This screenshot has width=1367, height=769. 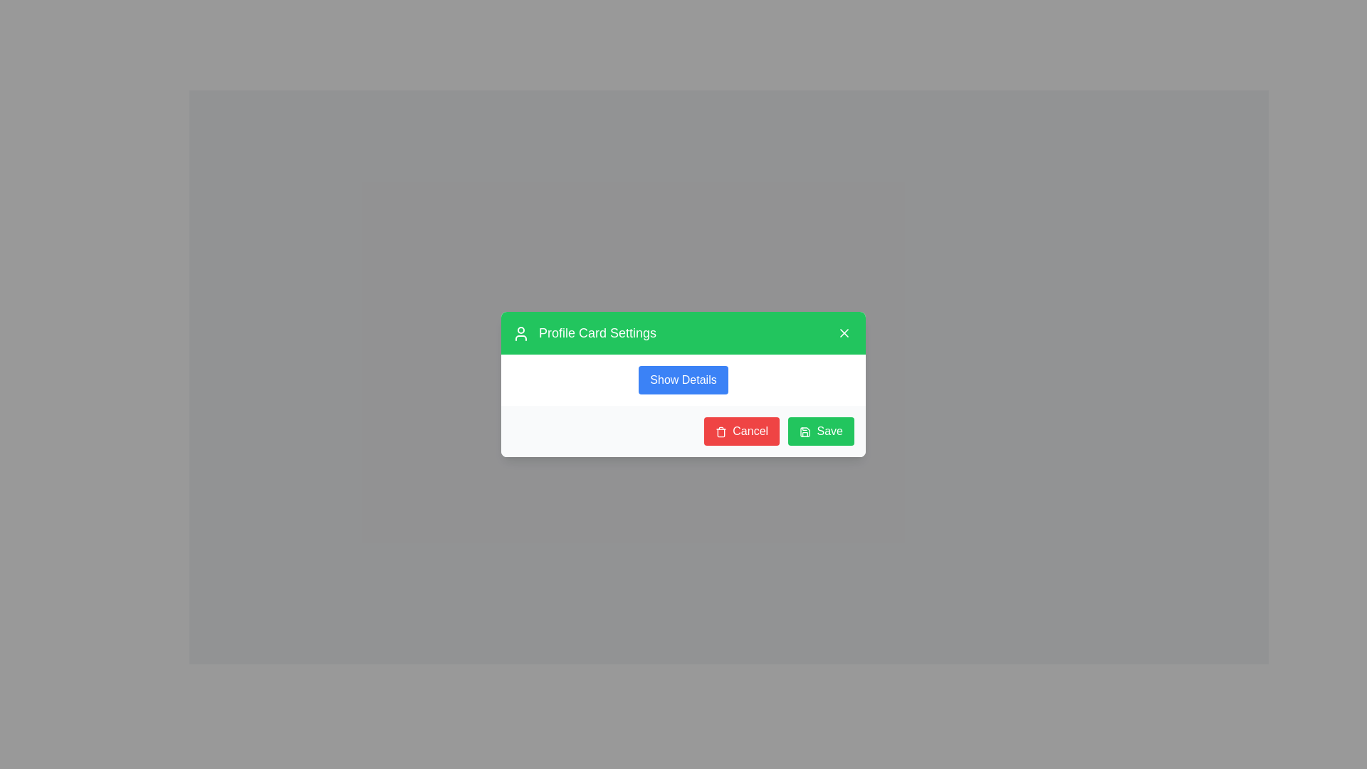 What do you see at coordinates (805, 431) in the screenshot?
I see `the 'Save' button icon located in the bottom-right corner of the dialog box, which indicates the 'save' action` at bounding box center [805, 431].